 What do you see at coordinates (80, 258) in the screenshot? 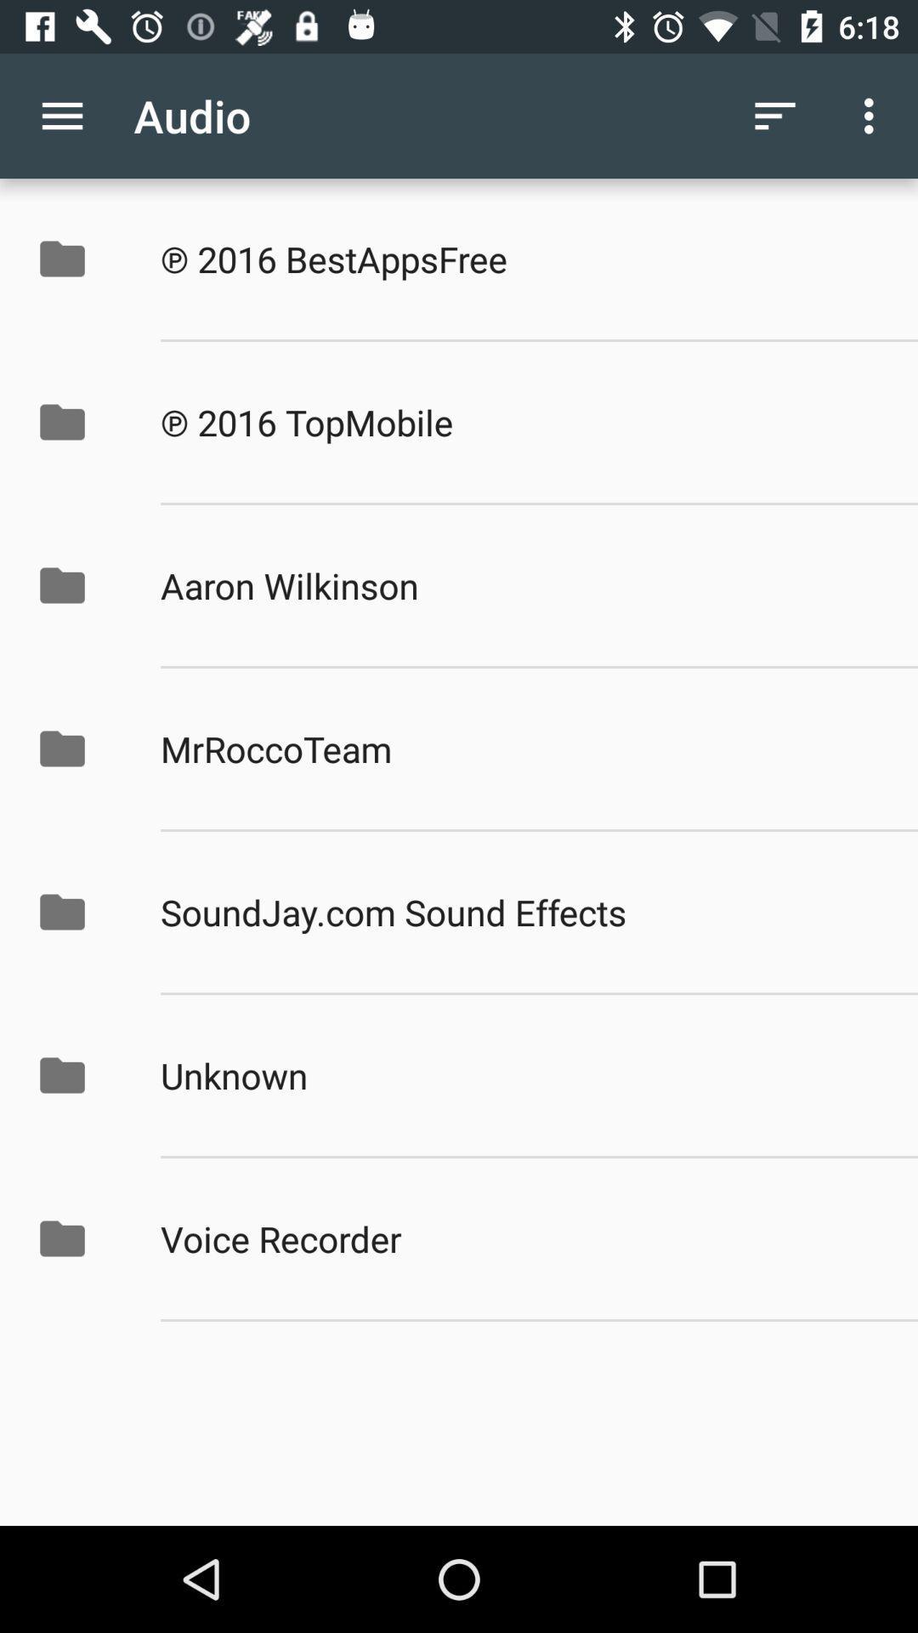
I see `the icon which is left side of the 2016 bestappsfree` at bounding box center [80, 258].